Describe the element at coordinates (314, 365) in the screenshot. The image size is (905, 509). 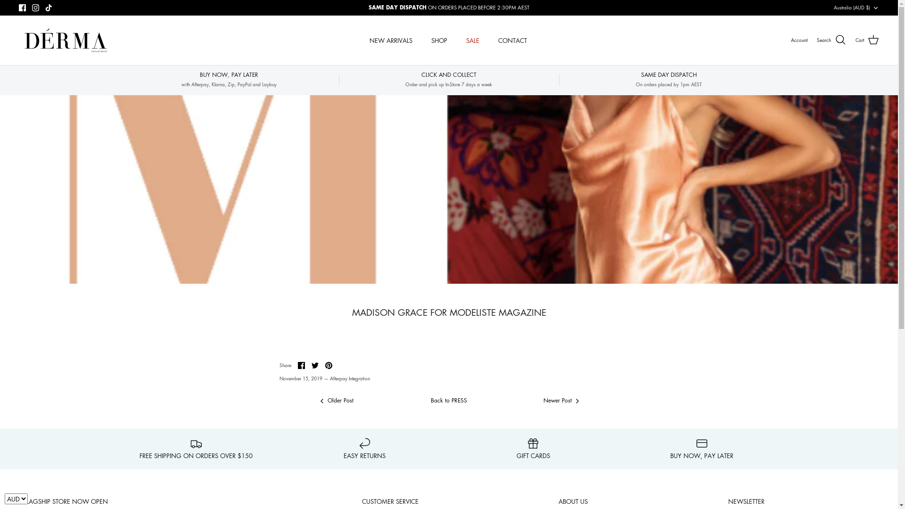
I see `'Twitter` at that location.